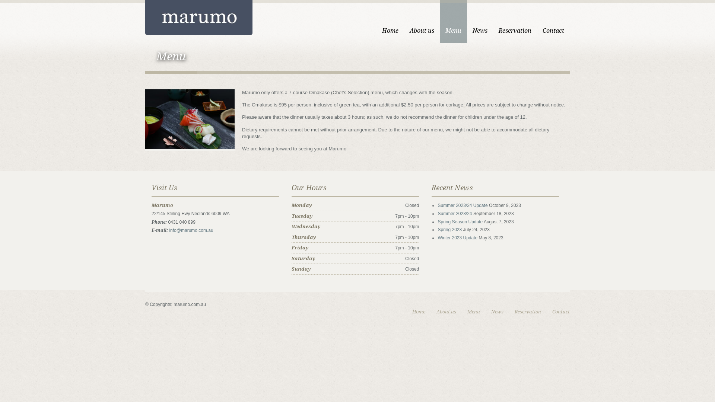  Describe the element at coordinates (514, 21) in the screenshot. I see `'Reservation'` at that location.